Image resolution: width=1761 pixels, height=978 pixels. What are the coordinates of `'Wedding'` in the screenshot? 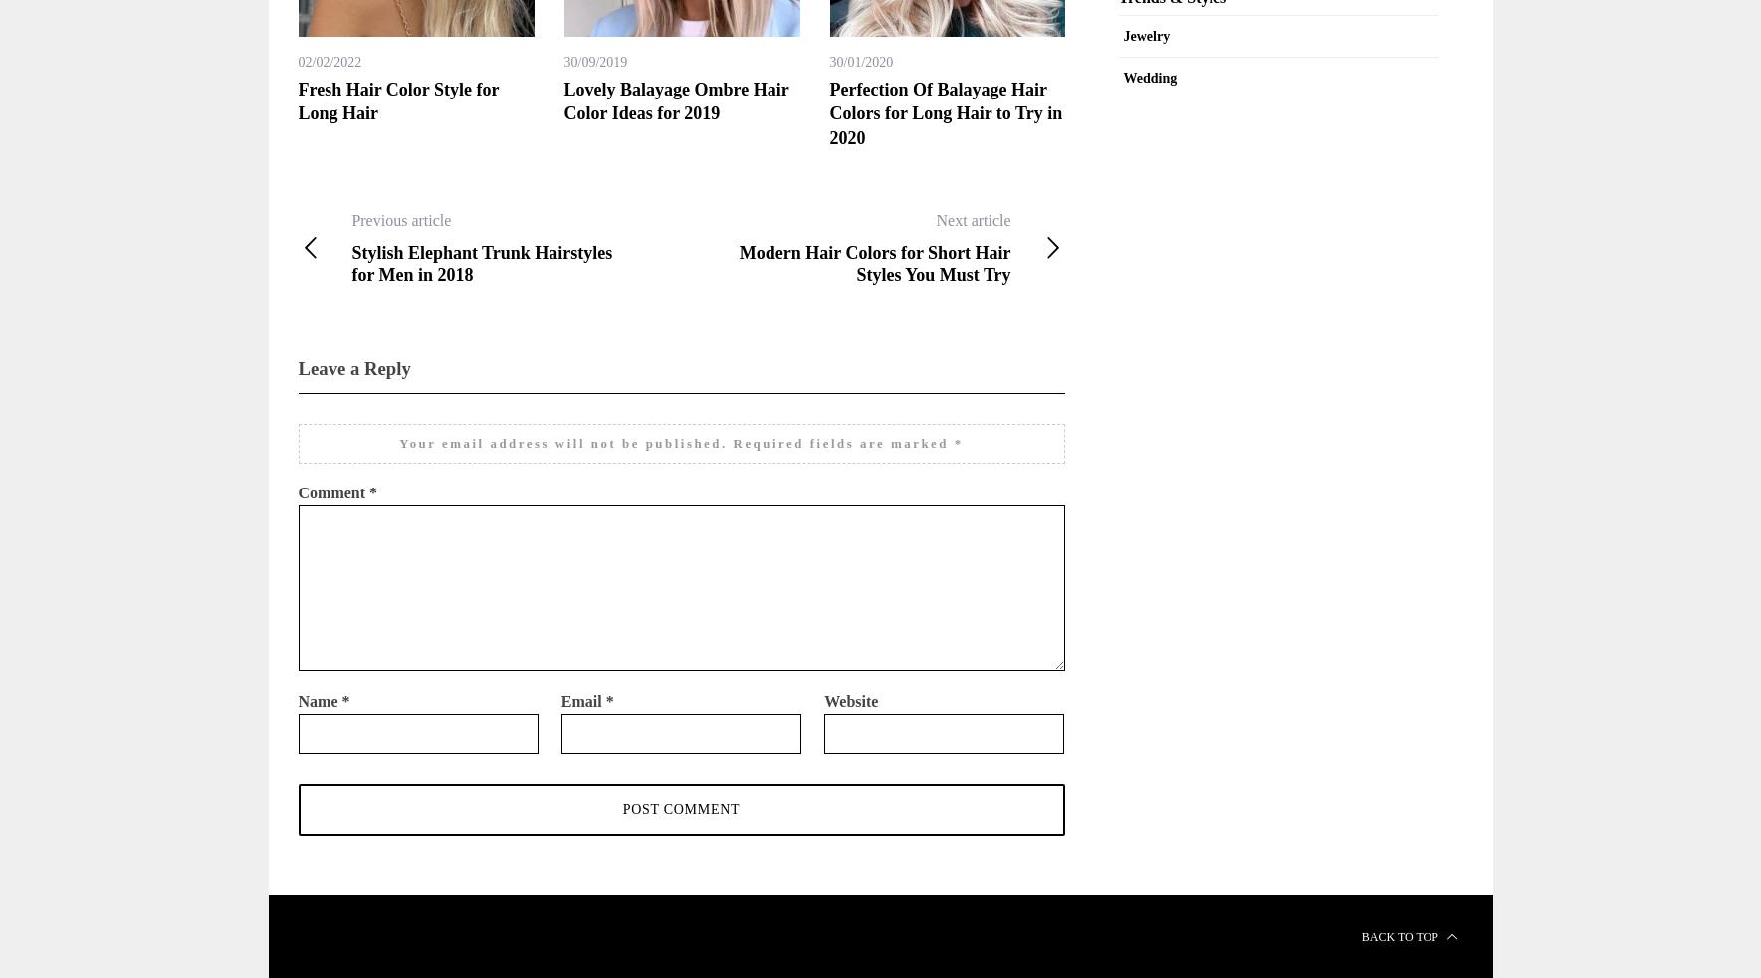 It's located at (1148, 76).